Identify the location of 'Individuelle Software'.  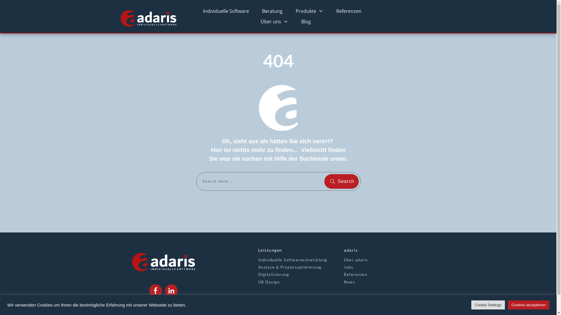
(226, 11).